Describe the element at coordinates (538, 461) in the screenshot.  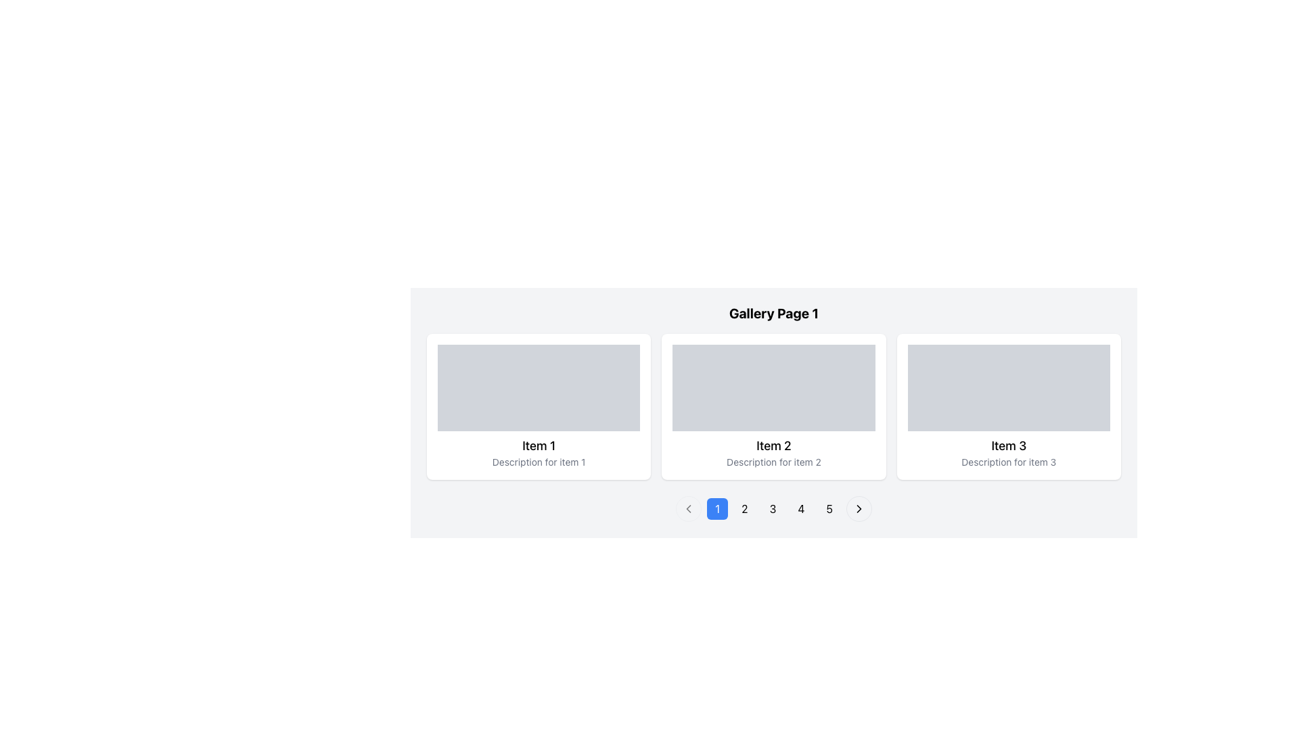
I see `the Text Label that provides a brief description for the item denoted in the heading 'Item 1', which is located at the bottom of the first card on the left-most side of the interface` at that location.